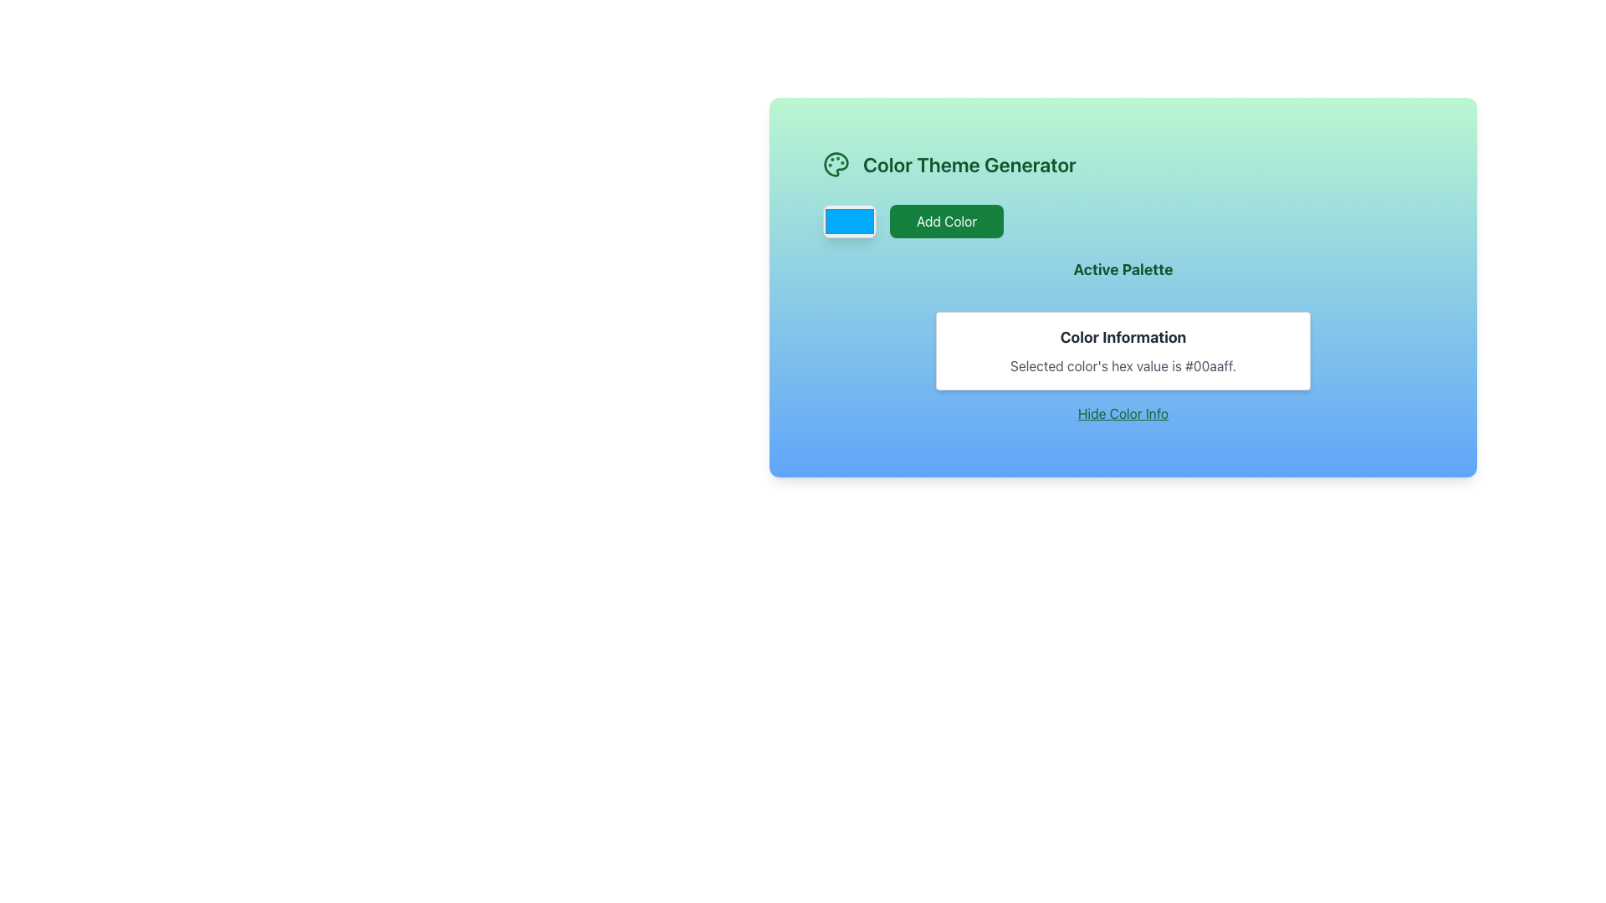 The height and width of the screenshot is (903, 1606). What do you see at coordinates (850, 221) in the screenshot?
I see `the light blue rectangular color picker input box with rounded corners` at bounding box center [850, 221].